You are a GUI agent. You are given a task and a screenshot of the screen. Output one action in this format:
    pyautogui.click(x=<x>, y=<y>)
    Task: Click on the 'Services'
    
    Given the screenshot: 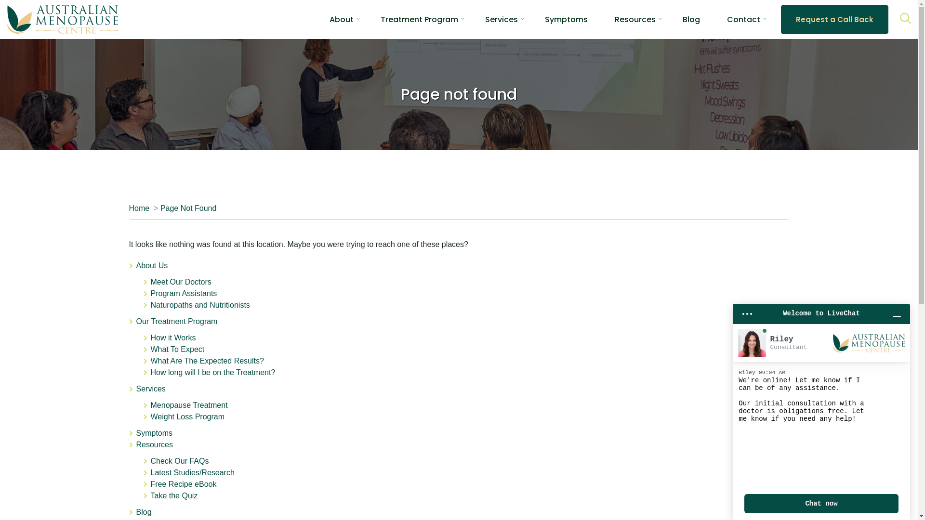 What is the action you would take?
    pyautogui.click(x=150, y=388)
    